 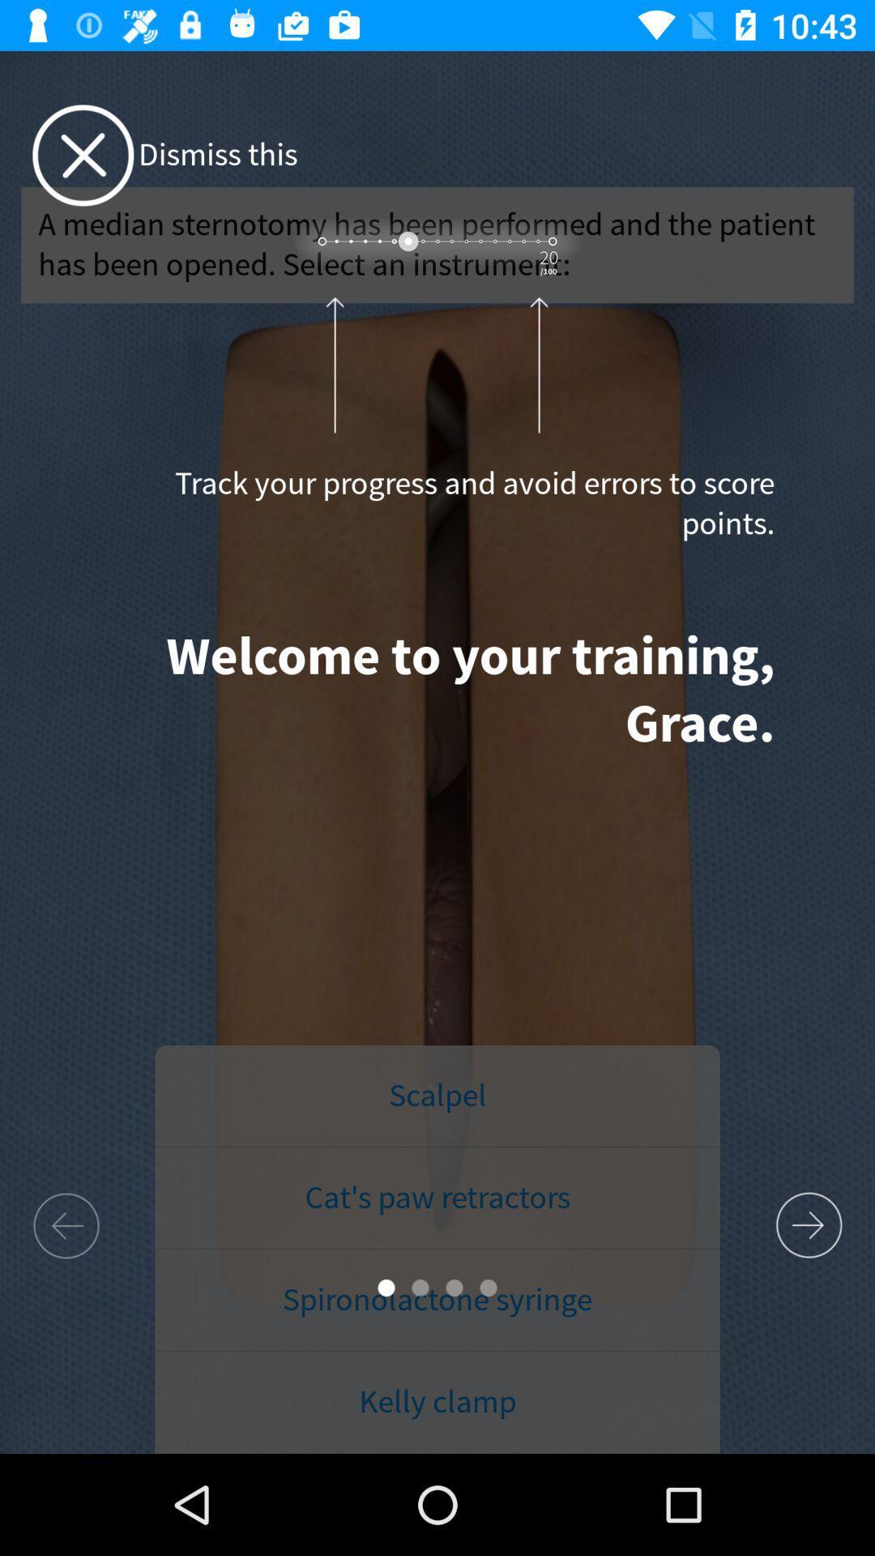 What do you see at coordinates (437, 1096) in the screenshot?
I see `icon above the cat s paw` at bounding box center [437, 1096].